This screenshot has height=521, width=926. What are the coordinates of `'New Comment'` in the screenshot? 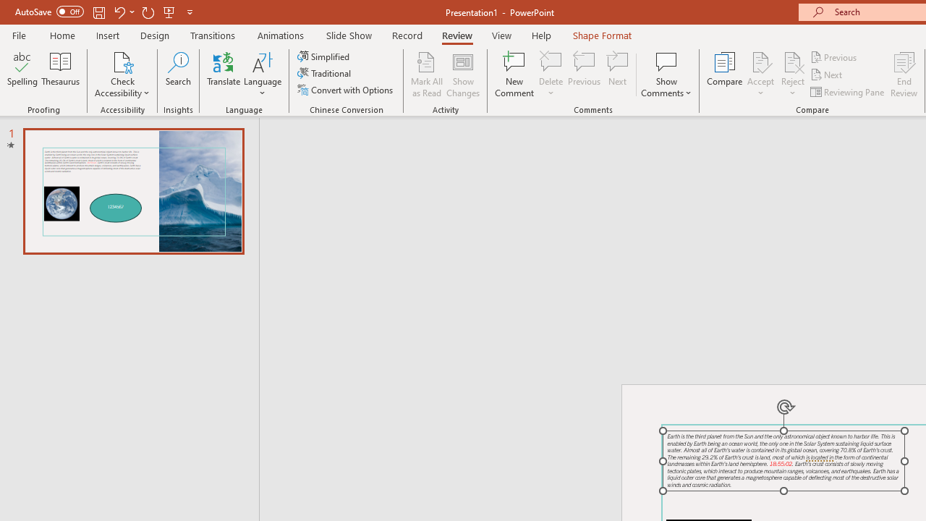 It's located at (514, 75).